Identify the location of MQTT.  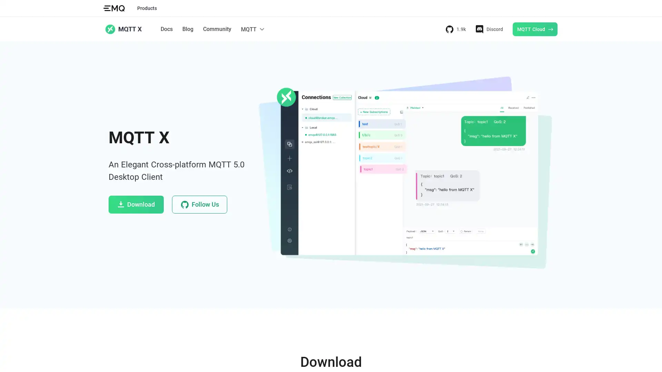
(252, 29).